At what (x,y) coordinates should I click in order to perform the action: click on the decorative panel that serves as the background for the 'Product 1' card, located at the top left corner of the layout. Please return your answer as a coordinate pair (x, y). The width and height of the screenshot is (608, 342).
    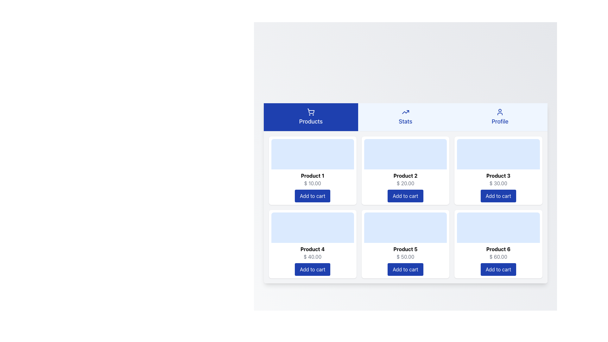
    Looking at the image, I should click on (313, 154).